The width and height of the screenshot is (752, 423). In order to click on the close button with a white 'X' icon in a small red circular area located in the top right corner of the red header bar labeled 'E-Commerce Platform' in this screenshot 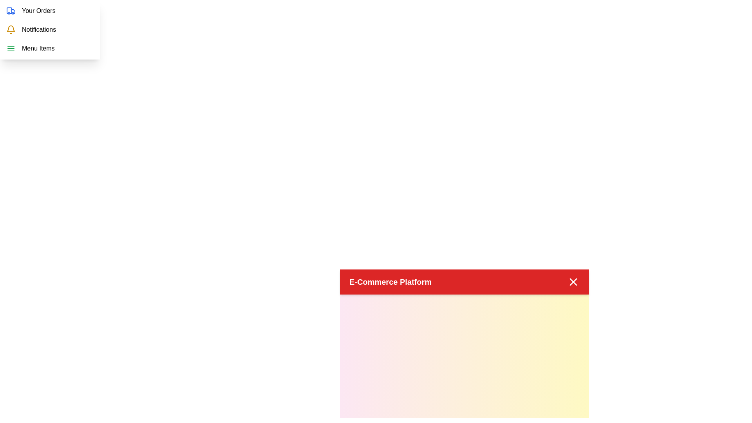, I will do `click(573, 282)`.